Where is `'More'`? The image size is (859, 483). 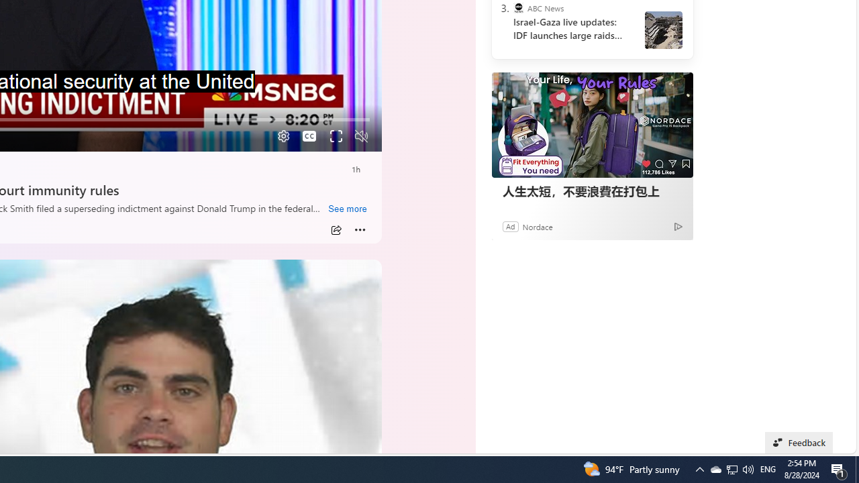 'More' is located at coordinates (360, 229).